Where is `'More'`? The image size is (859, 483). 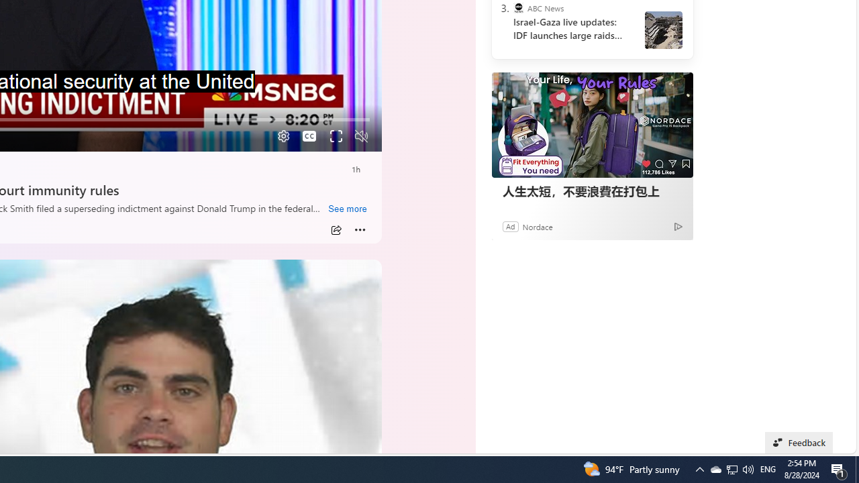 'More' is located at coordinates (360, 229).